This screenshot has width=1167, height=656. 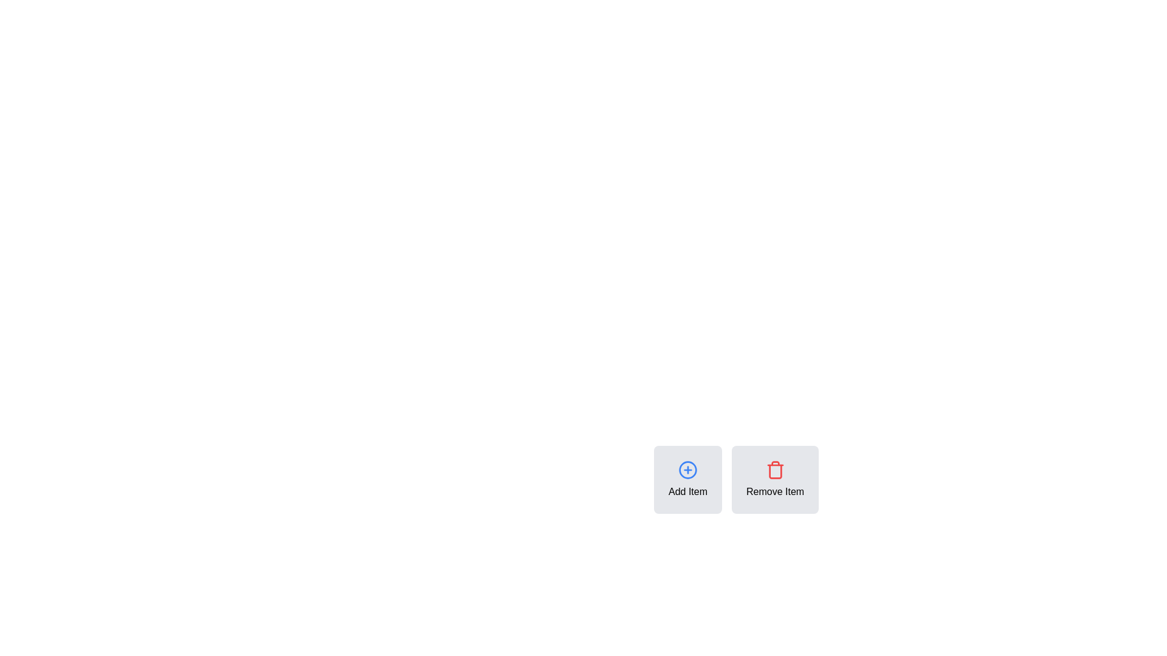 I want to click on the circular blue outlined Icon Button with a '+' sign, located at the top center above the text 'Add Item', so click(x=688, y=470).